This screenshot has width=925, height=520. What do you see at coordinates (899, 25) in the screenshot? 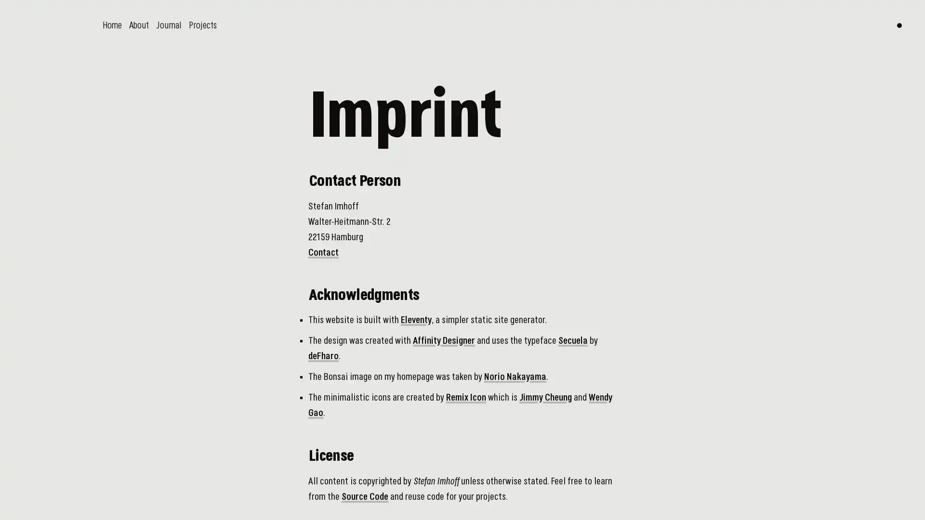
I see `Switch color theme` at bounding box center [899, 25].